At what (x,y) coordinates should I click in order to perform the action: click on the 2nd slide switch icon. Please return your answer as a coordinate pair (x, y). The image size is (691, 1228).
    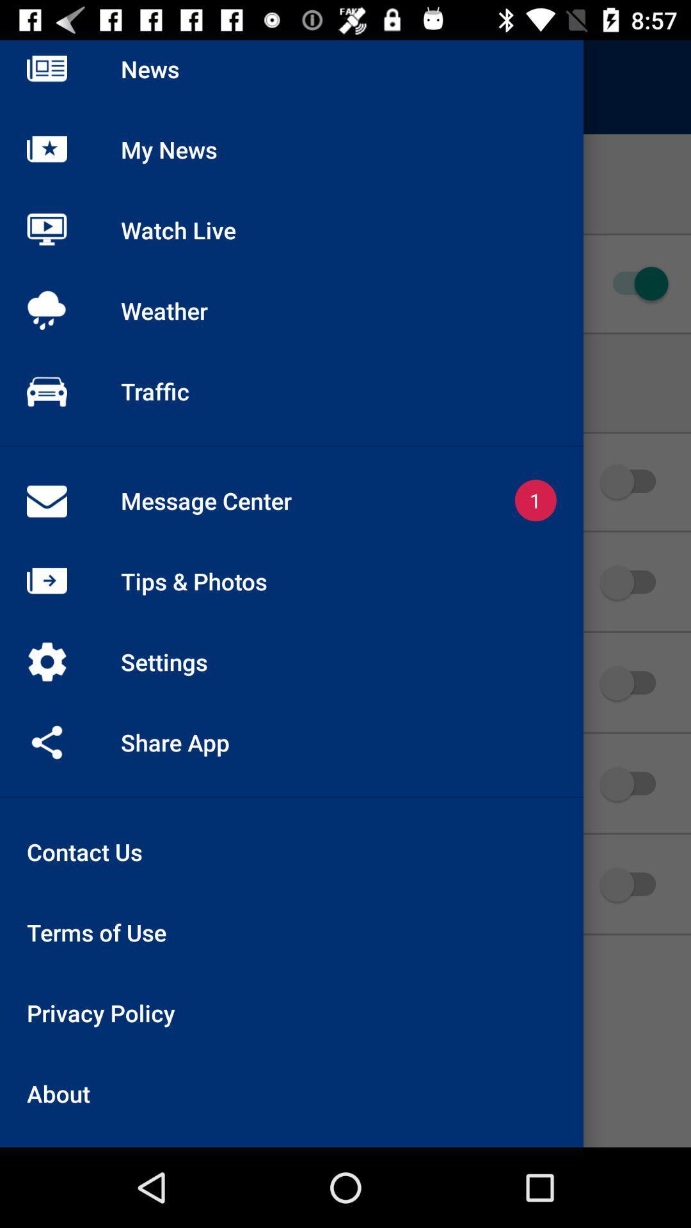
    Looking at the image, I should click on (634, 481).